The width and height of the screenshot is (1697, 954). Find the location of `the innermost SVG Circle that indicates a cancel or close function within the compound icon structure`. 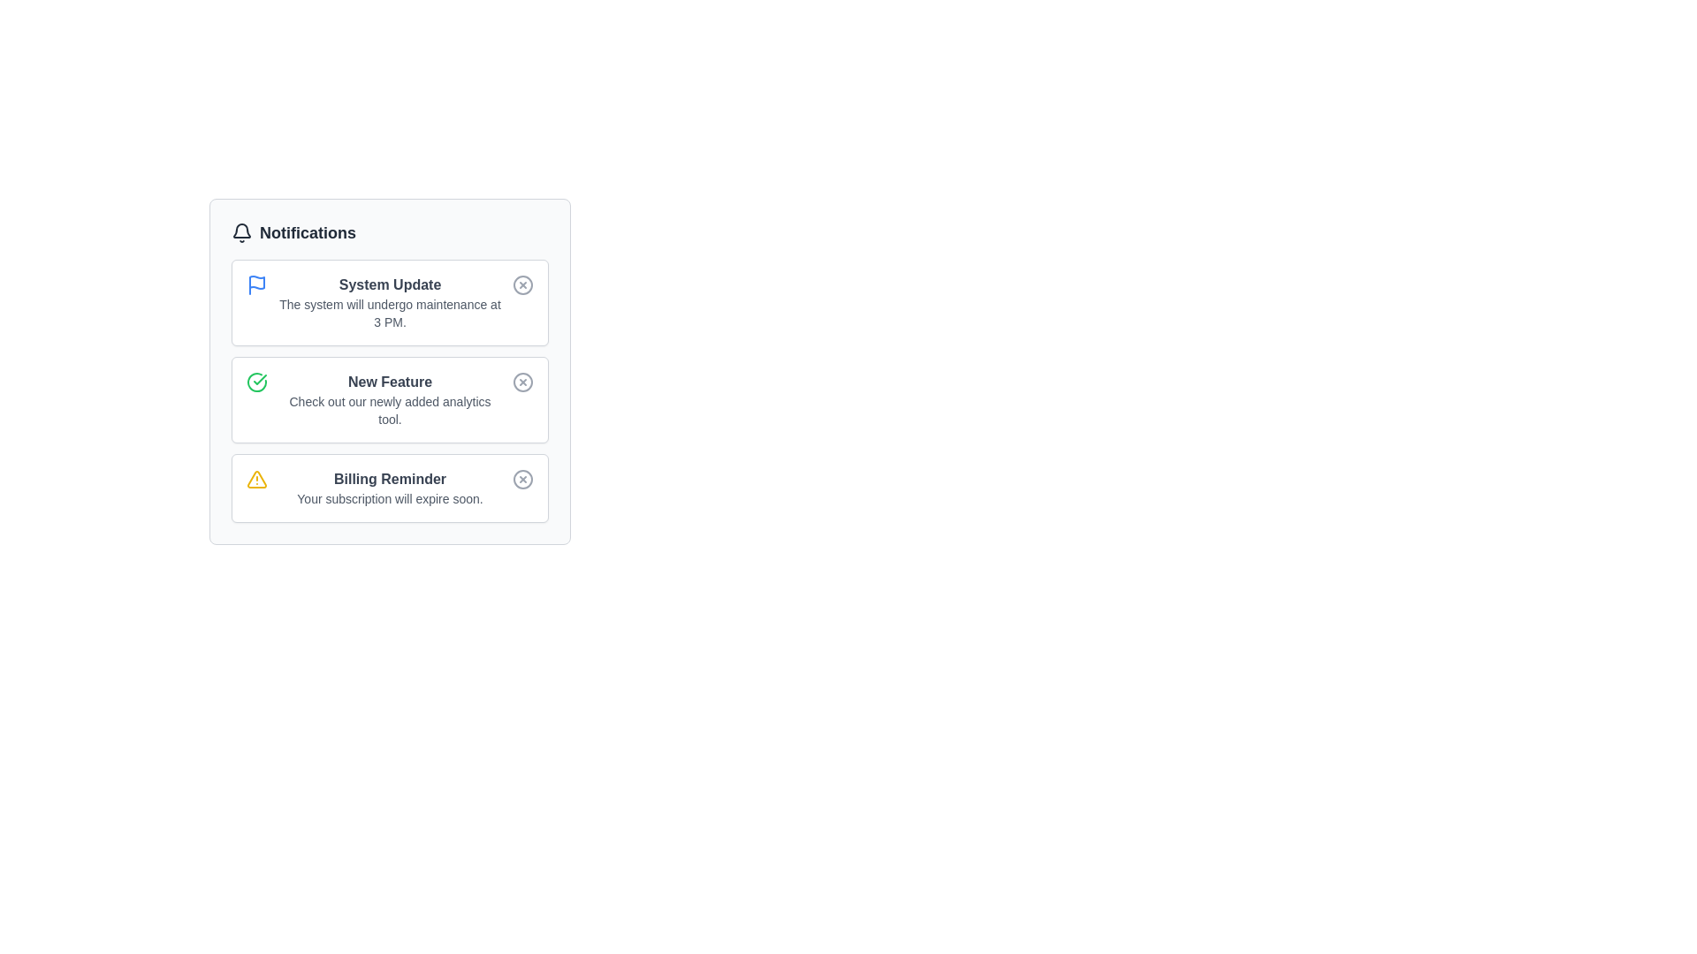

the innermost SVG Circle that indicates a cancel or close function within the compound icon structure is located at coordinates (521, 284).